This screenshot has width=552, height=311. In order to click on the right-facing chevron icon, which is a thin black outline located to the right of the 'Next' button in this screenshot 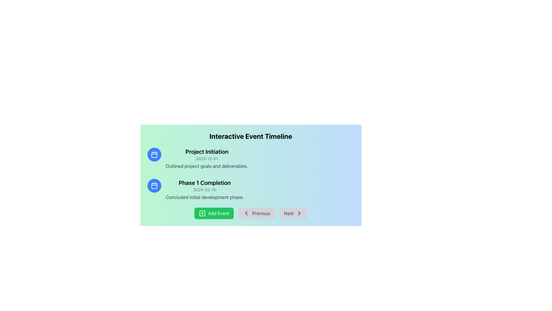, I will do `click(299, 213)`.